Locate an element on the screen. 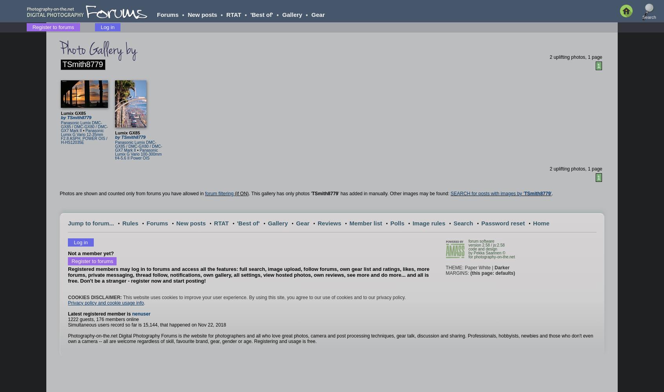 Image resolution: width=664 pixels, height=392 pixels. 'Panasonic Lumix G Vario 100-300mm f/4-5.6 II Power OIS' is located at coordinates (115, 154).